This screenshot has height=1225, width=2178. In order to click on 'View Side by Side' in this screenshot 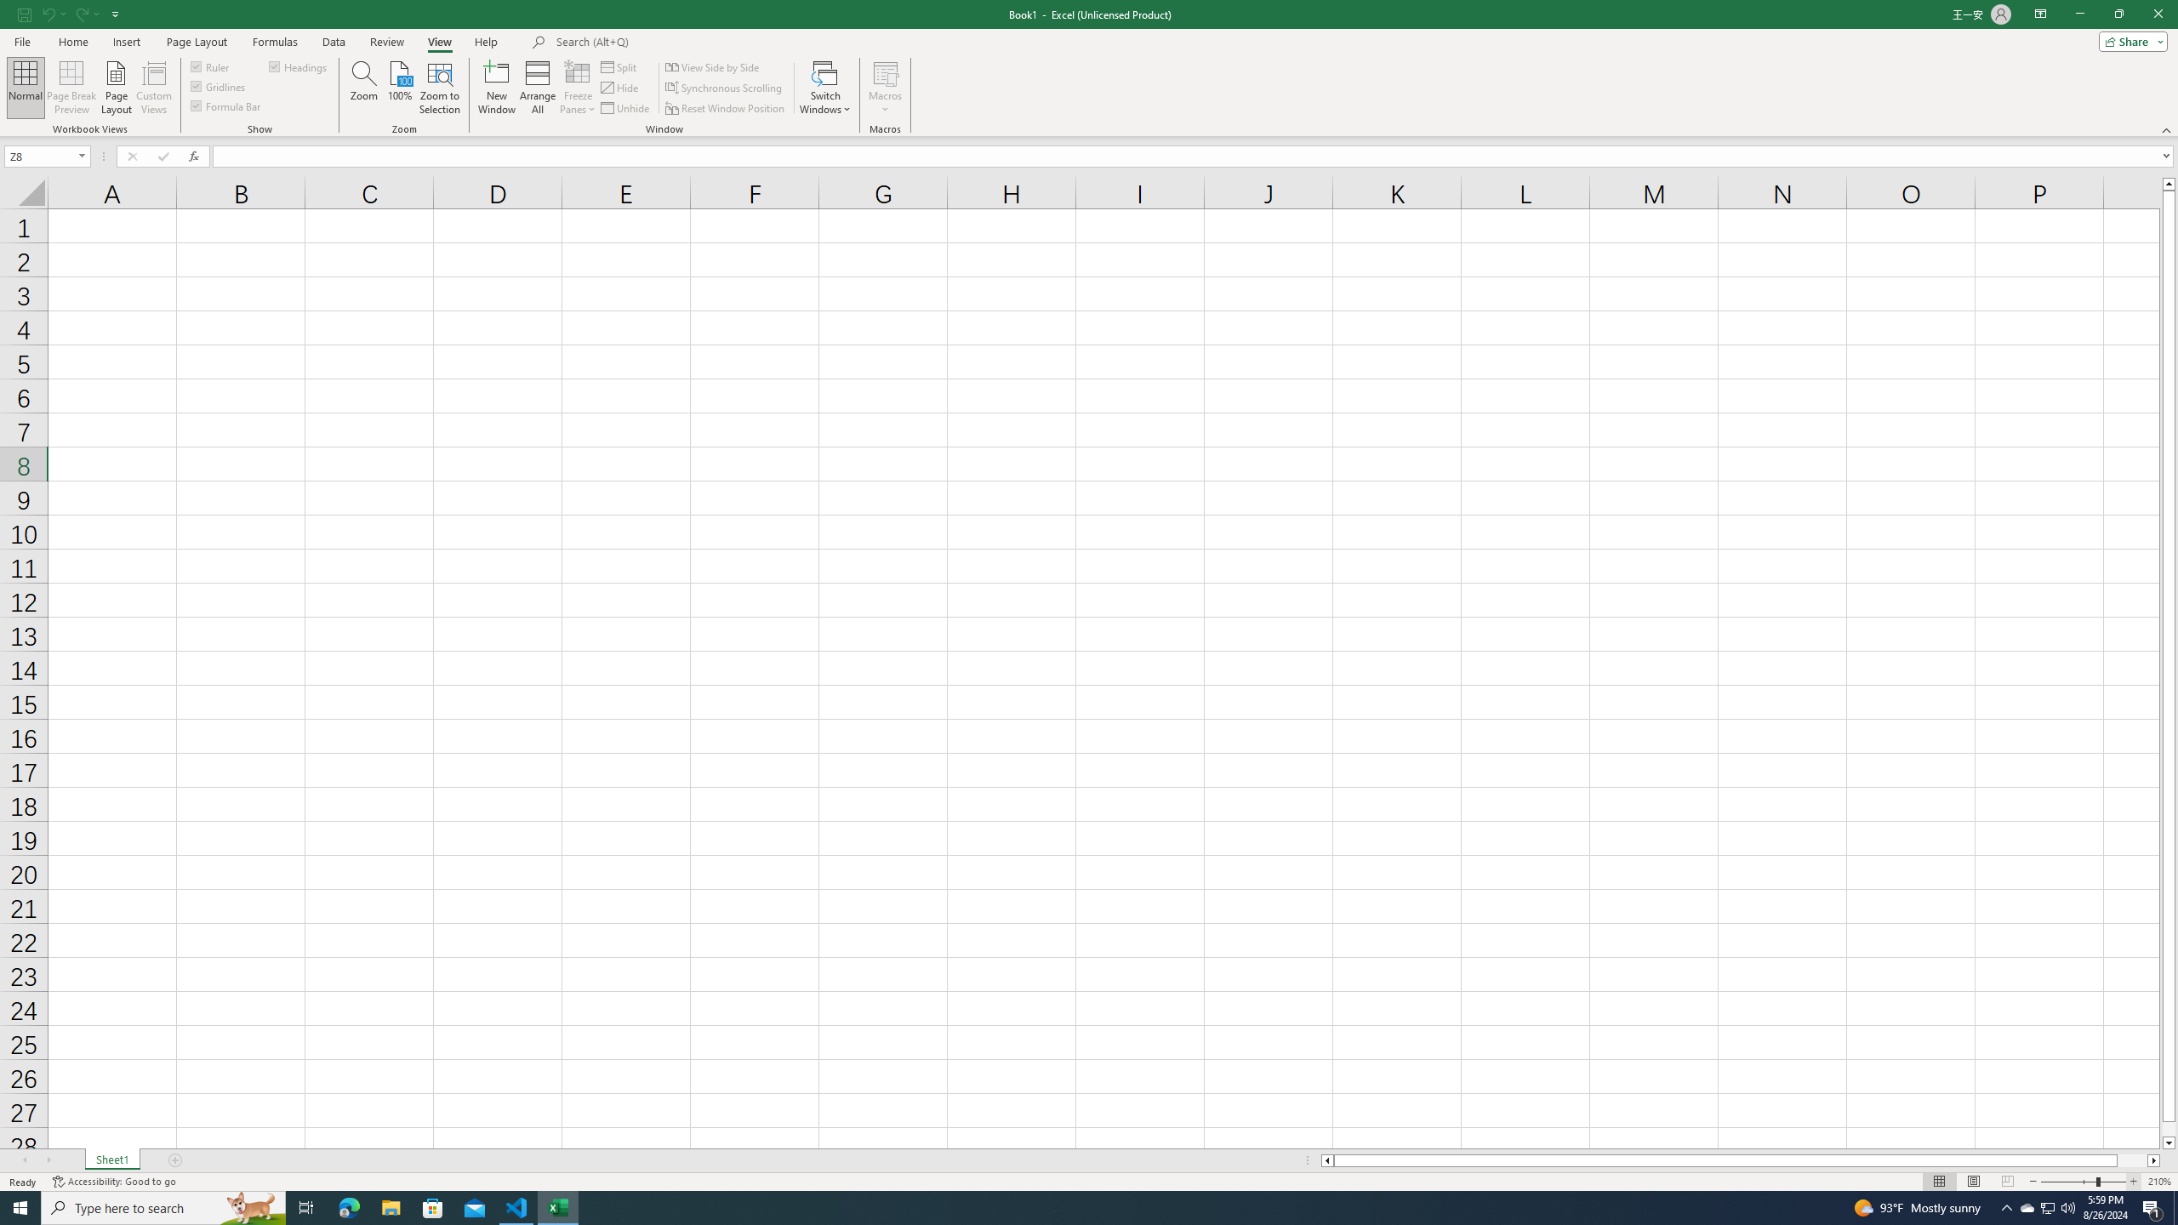, I will do `click(712, 66)`.